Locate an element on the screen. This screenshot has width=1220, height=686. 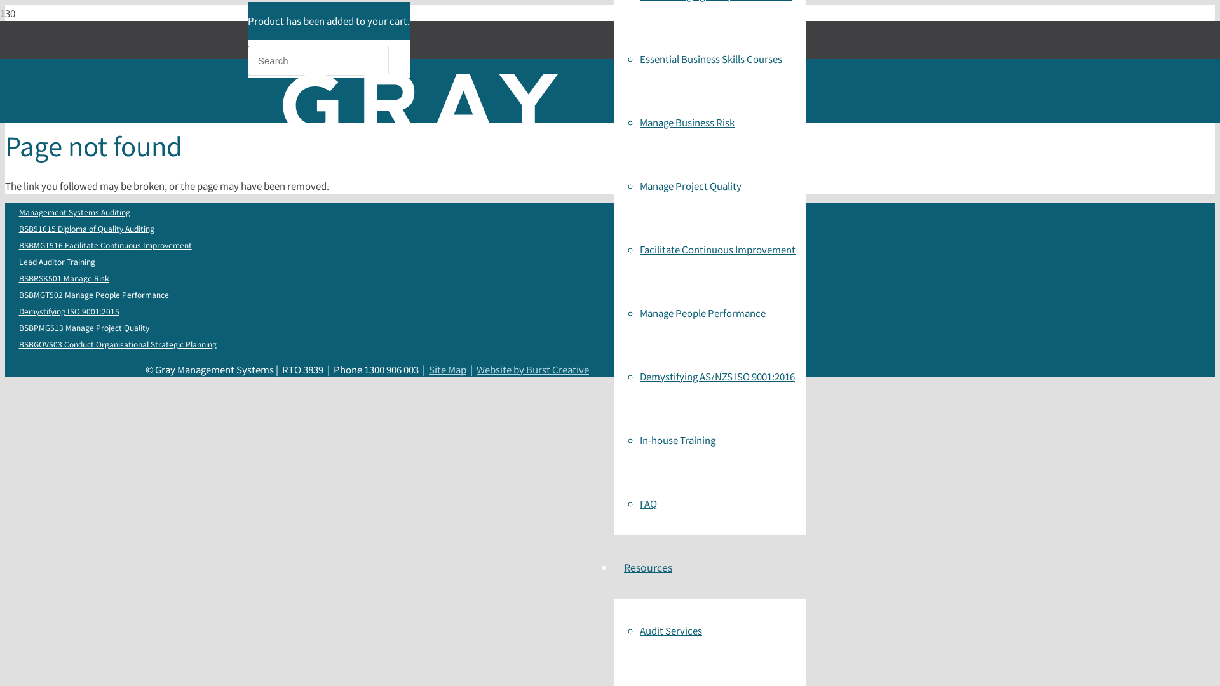
'Website by Burst Creative' is located at coordinates (532, 369).